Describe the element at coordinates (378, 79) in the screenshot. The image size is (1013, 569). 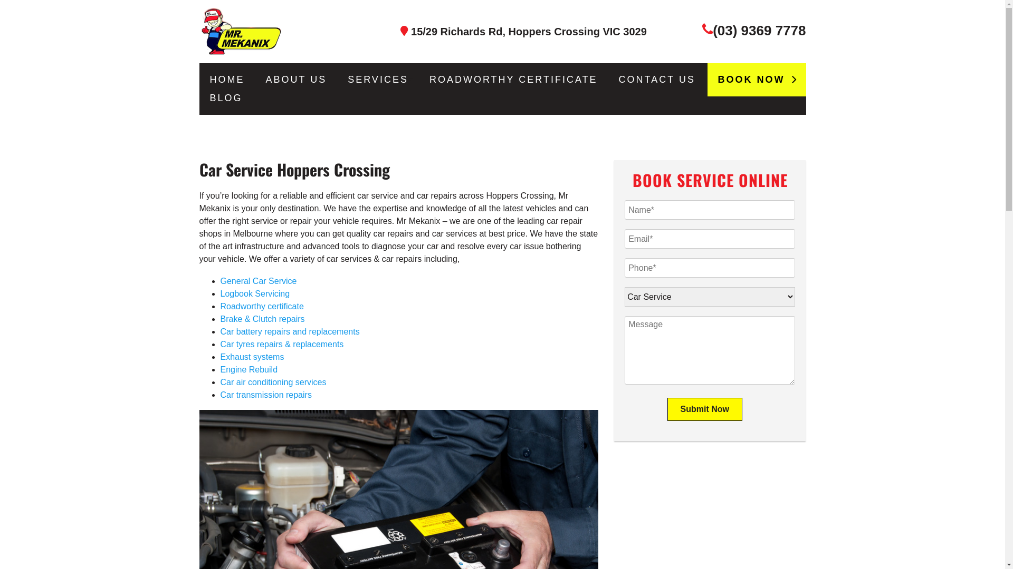
I see `'SERVICES'` at that location.